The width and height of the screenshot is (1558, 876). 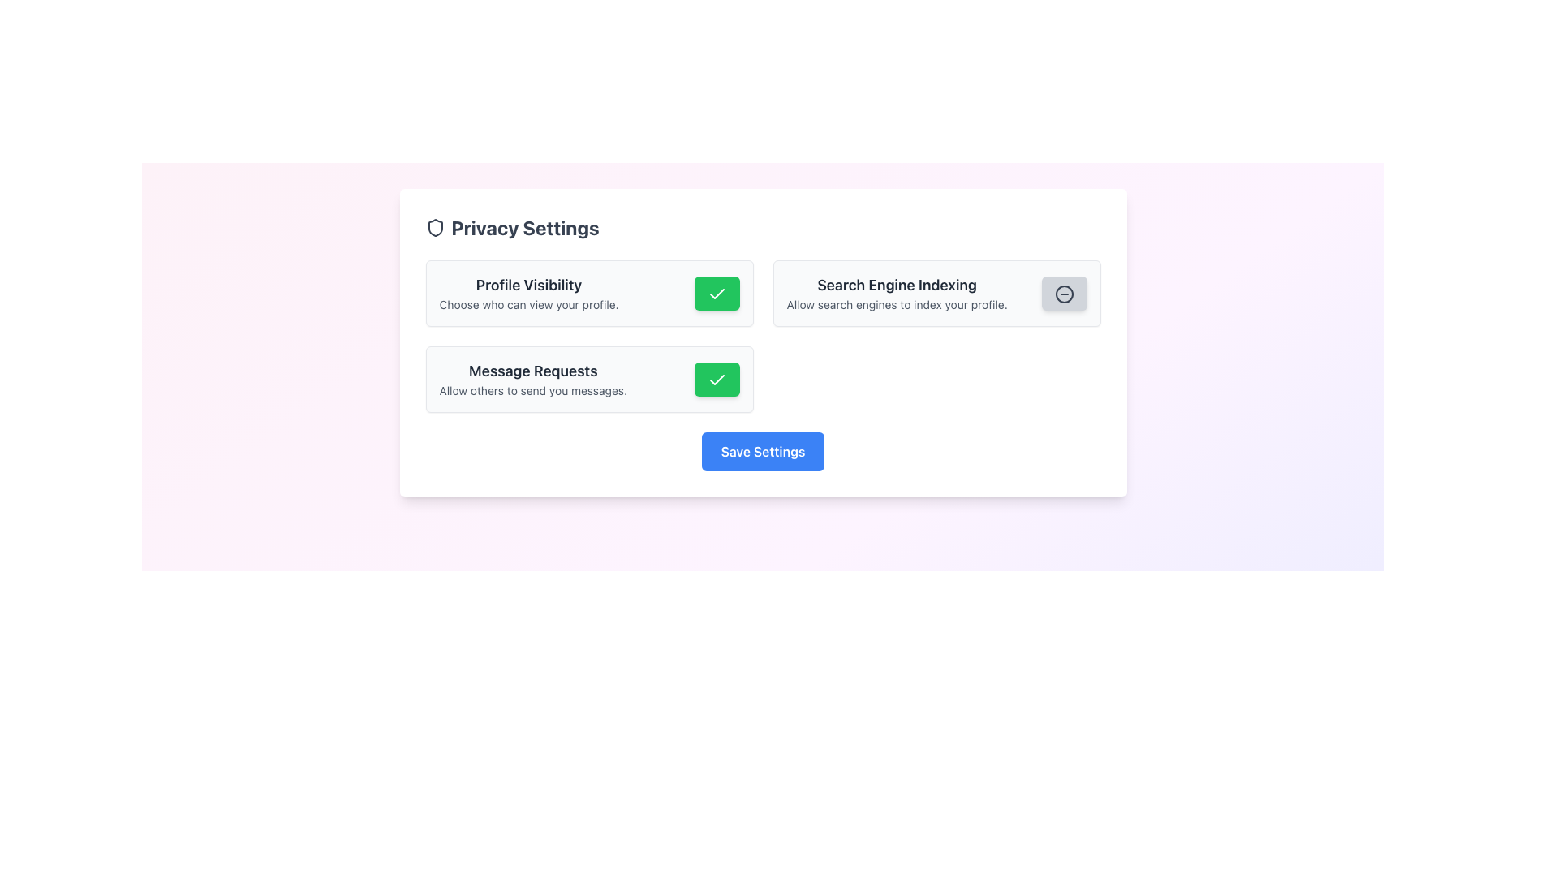 What do you see at coordinates (896, 294) in the screenshot?
I see `the descriptive text label for the 'Search Engine Indexing' feature in the privacy settings` at bounding box center [896, 294].